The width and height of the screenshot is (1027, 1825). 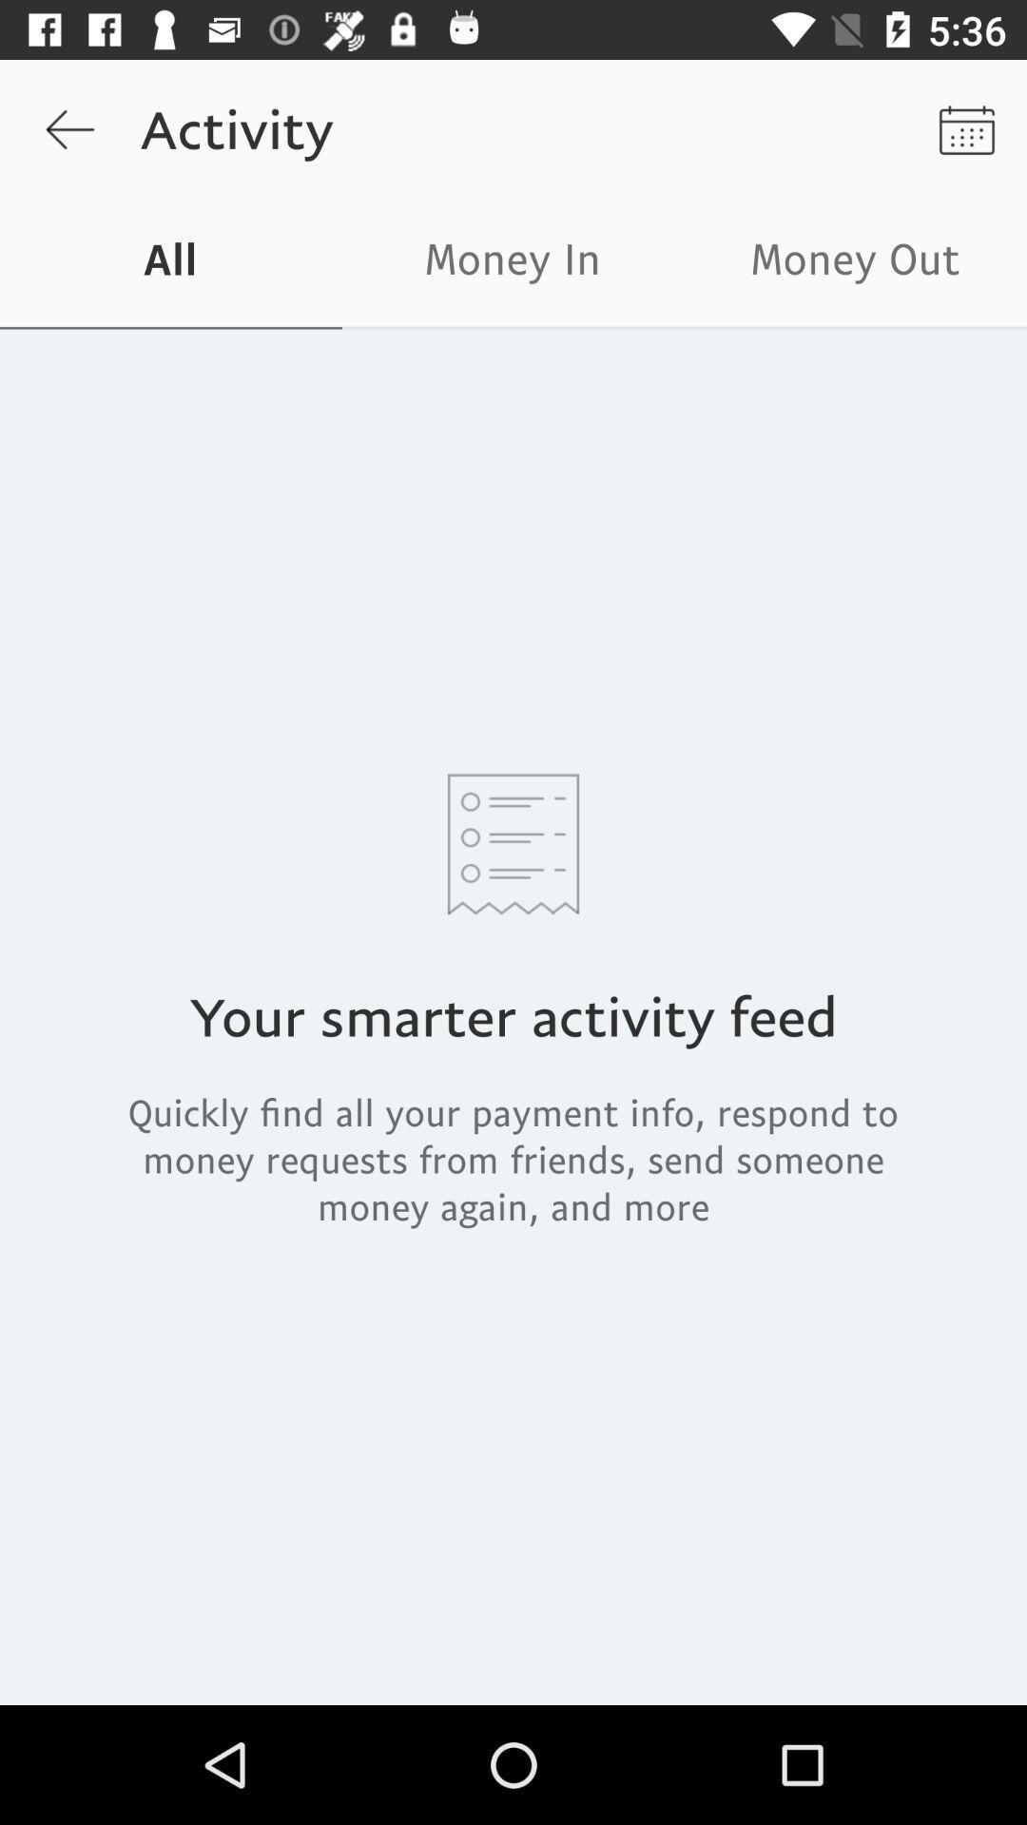 What do you see at coordinates (967, 128) in the screenshot?
I see `the icon next to activity` at bounding box center [967, 128].